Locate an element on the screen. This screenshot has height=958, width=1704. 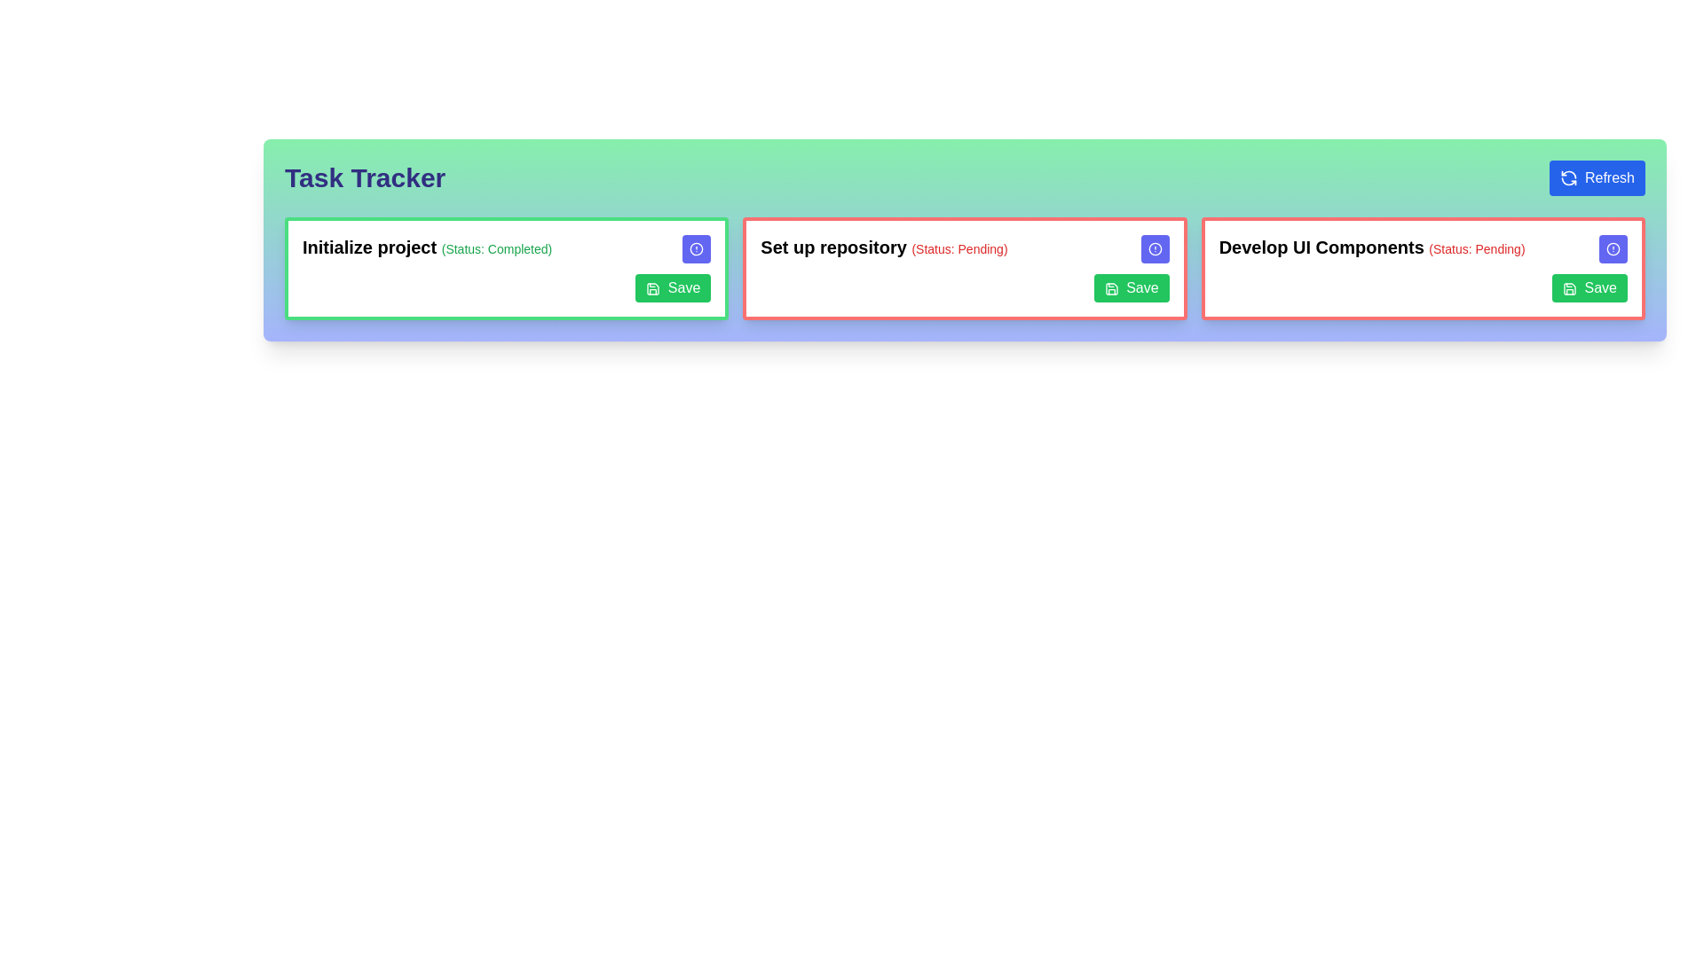
the main background shape of the save icon within the 'Initialize project' task card, which serves as the base of the save action in the green 'Save' button is located at coordinates (652, 287).